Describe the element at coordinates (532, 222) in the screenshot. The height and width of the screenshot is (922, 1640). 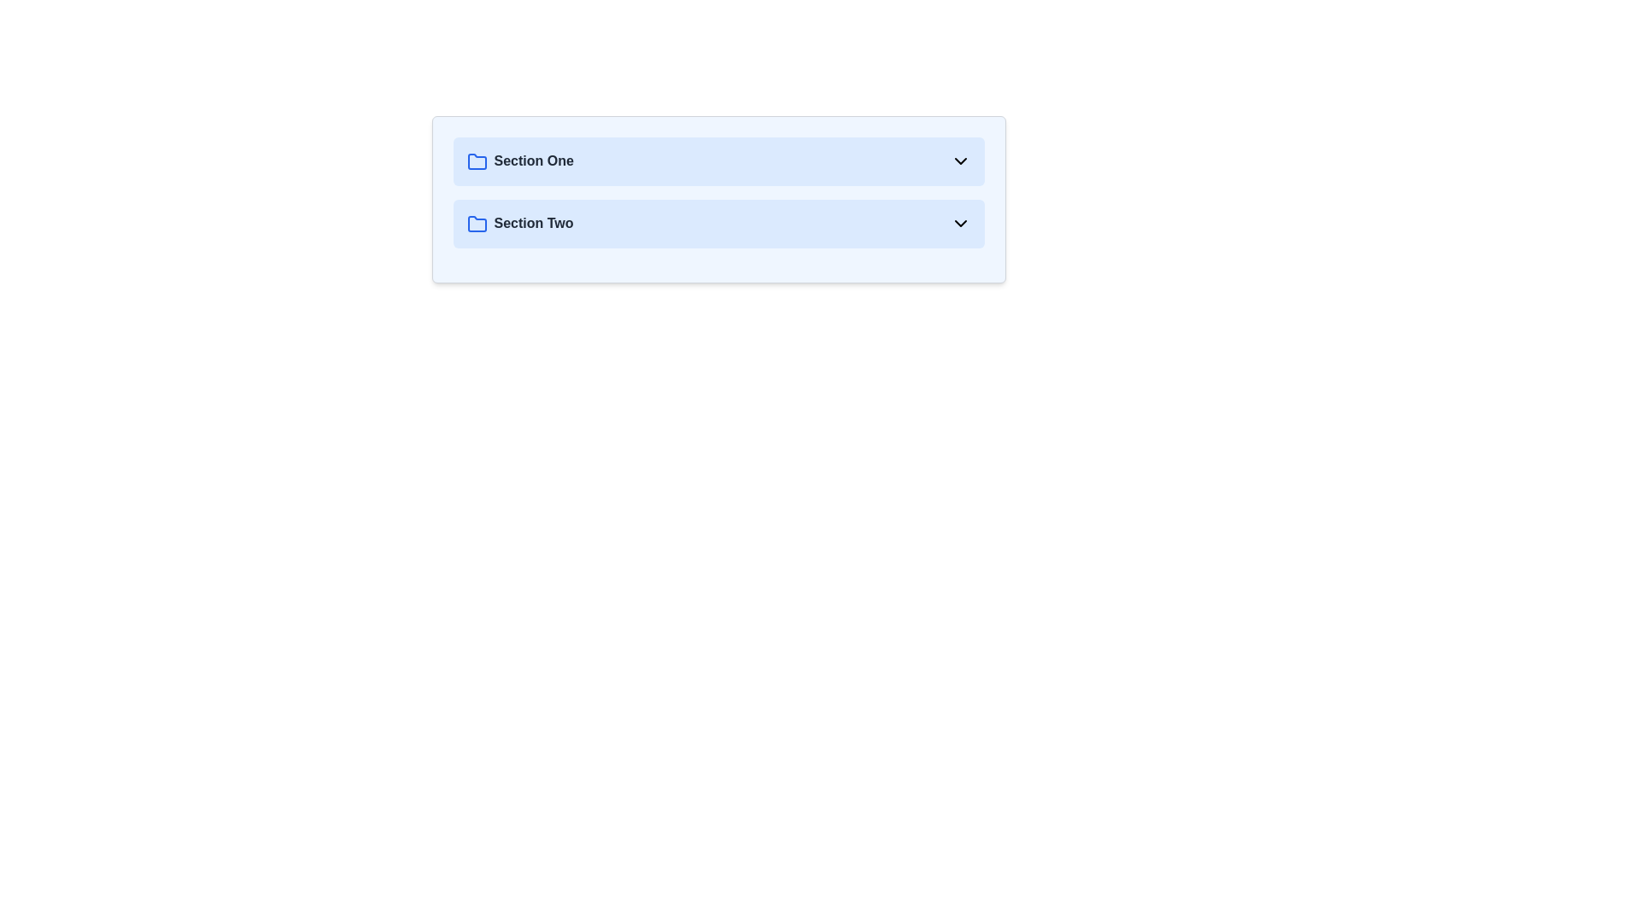
I see `the text label identifying the second section in the list` at that location.